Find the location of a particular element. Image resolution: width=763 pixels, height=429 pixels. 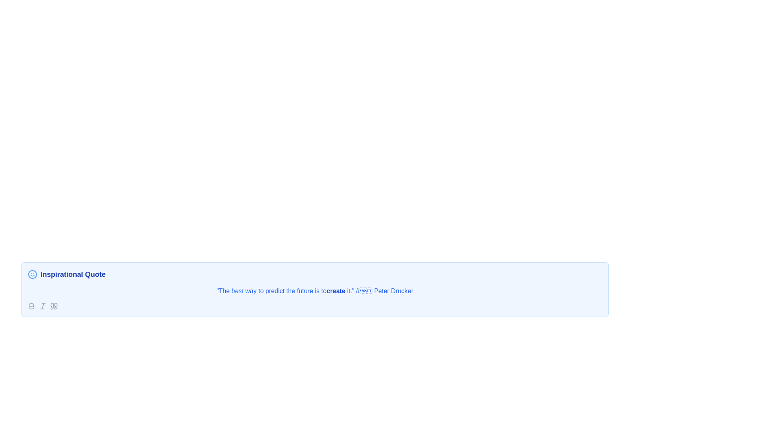

the italicization icon, which is the second icon in a sequence of three formatting icons is located at coordinates (43, 306).